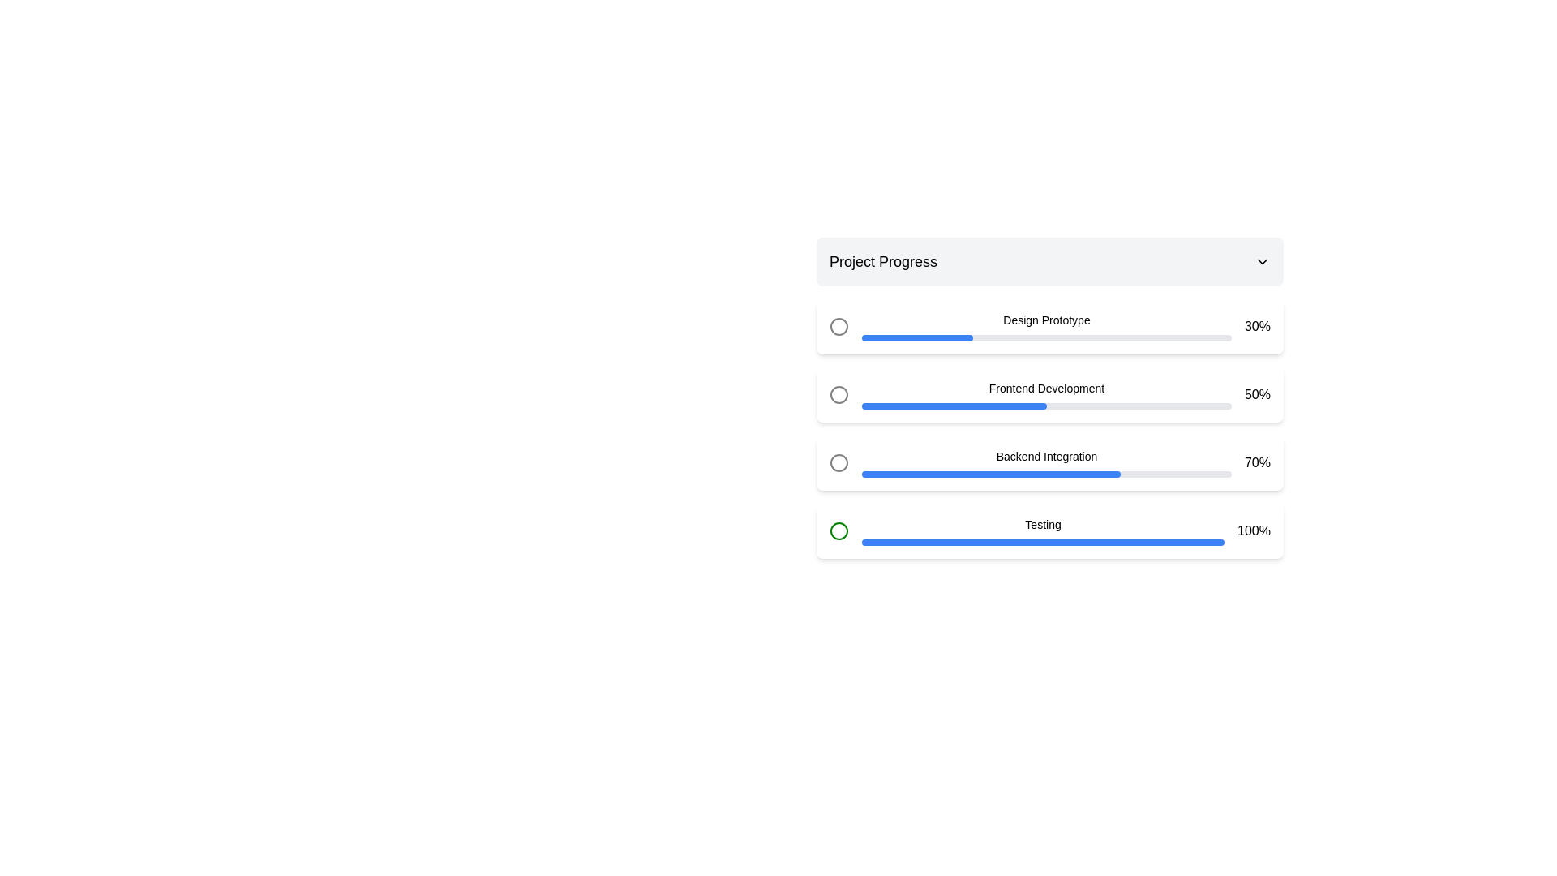 The width and height of the screenshot is (1557, 876). I want to click on the progress indicator, so click(917, 337).